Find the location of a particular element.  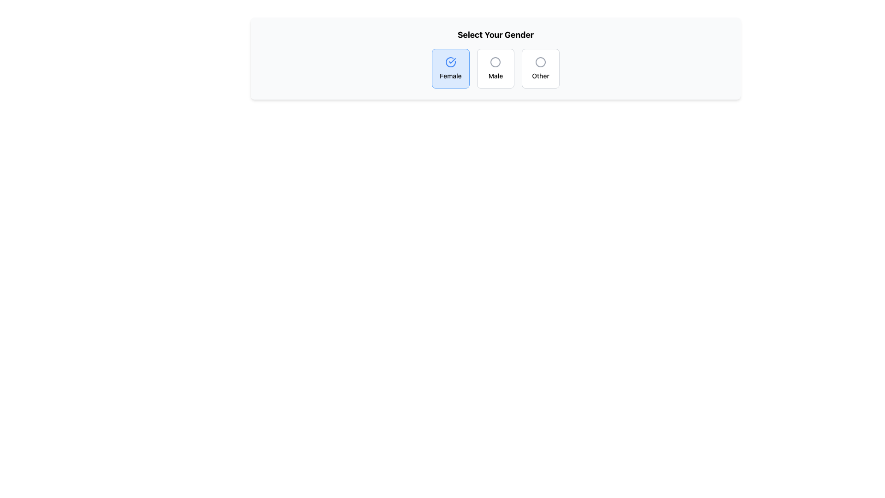

the selectable tile labeled 'Male' with a circular gray icon is located at coordinates (495, 68).